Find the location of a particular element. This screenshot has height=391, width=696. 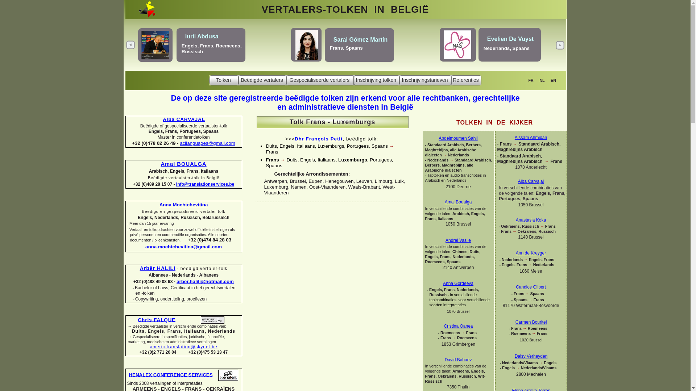

'americ.translation@skynet.be' is located at coordinates (183, 346).